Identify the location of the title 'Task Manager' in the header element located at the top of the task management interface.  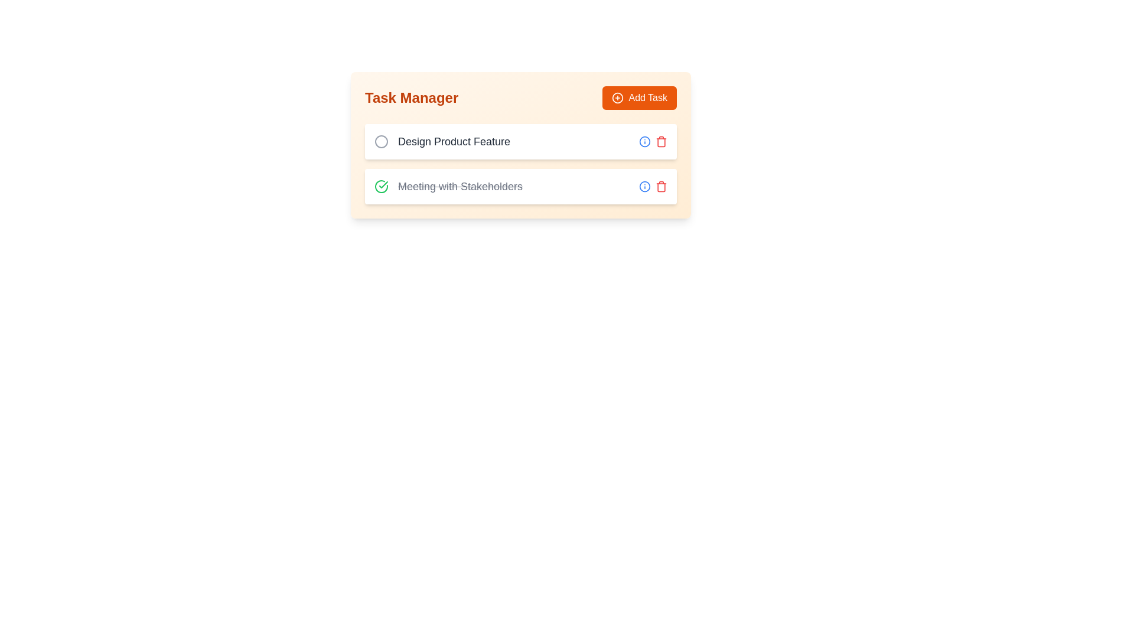
(520, 97).